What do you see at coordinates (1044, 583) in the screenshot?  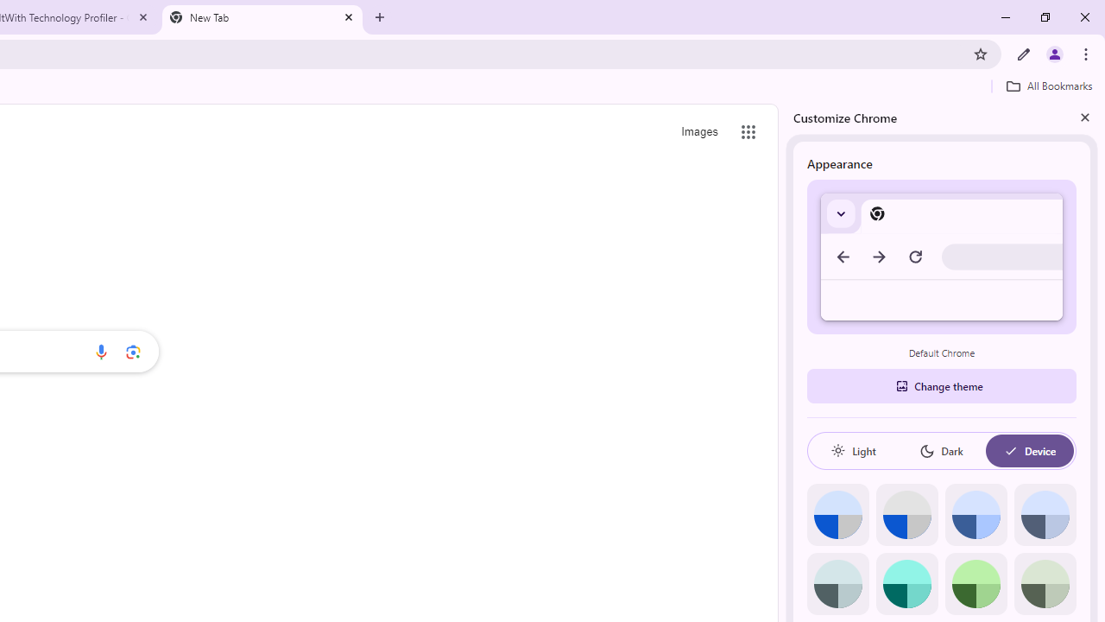 I see `'Viridian'` at bounding box center [1044, 583].